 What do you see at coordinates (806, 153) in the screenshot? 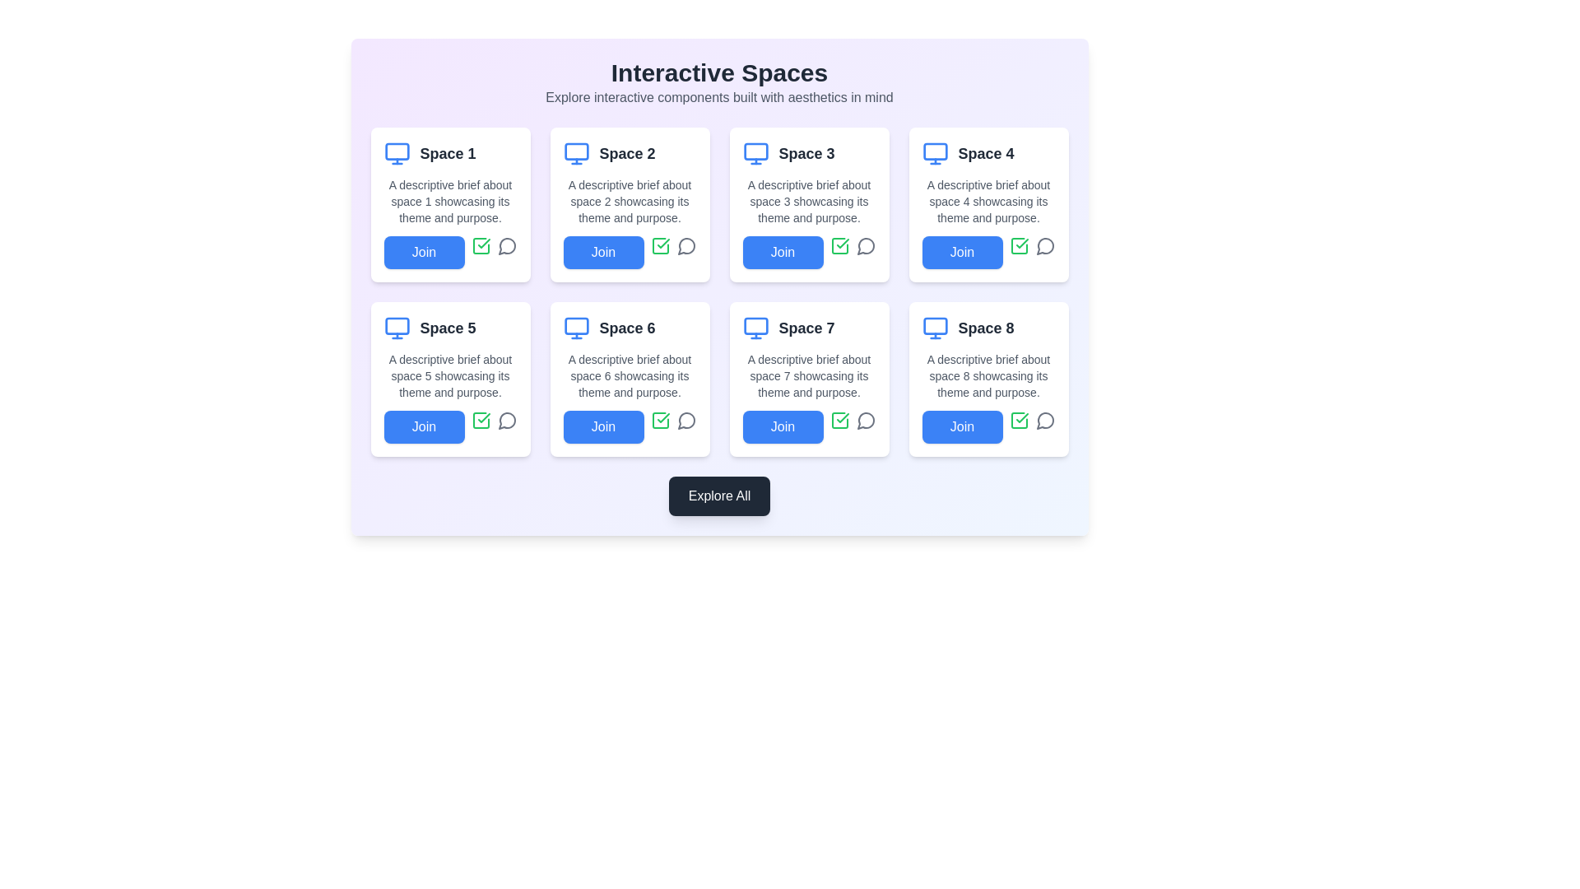
I see `the title label of the third card in the grid layout under the 'Interactive Spaces' section` at bounding box center [806, 153].